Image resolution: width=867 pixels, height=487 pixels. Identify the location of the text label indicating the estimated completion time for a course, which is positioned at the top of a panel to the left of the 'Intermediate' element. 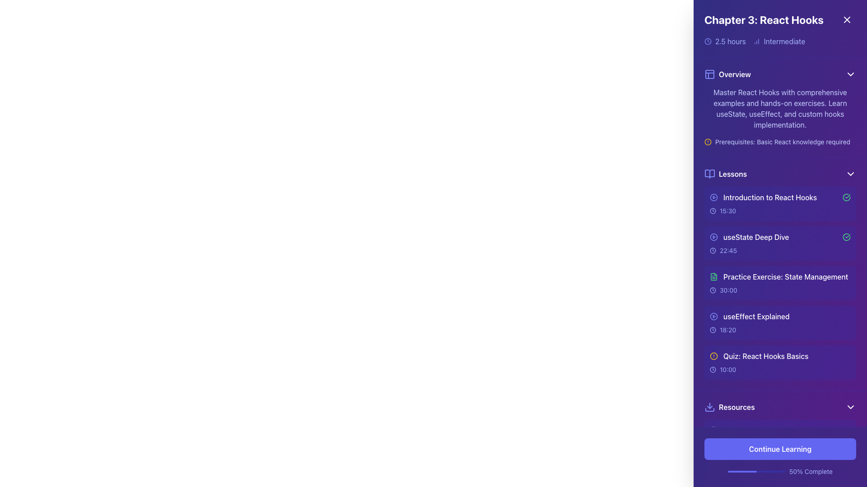
(725, 41).